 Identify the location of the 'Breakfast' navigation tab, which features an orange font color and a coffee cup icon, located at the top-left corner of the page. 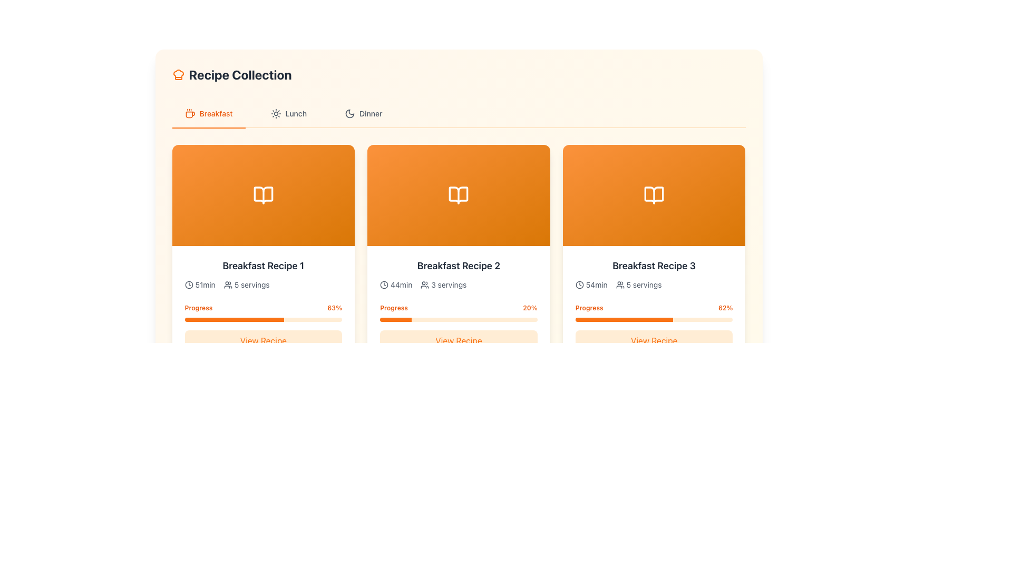
(209, 114).